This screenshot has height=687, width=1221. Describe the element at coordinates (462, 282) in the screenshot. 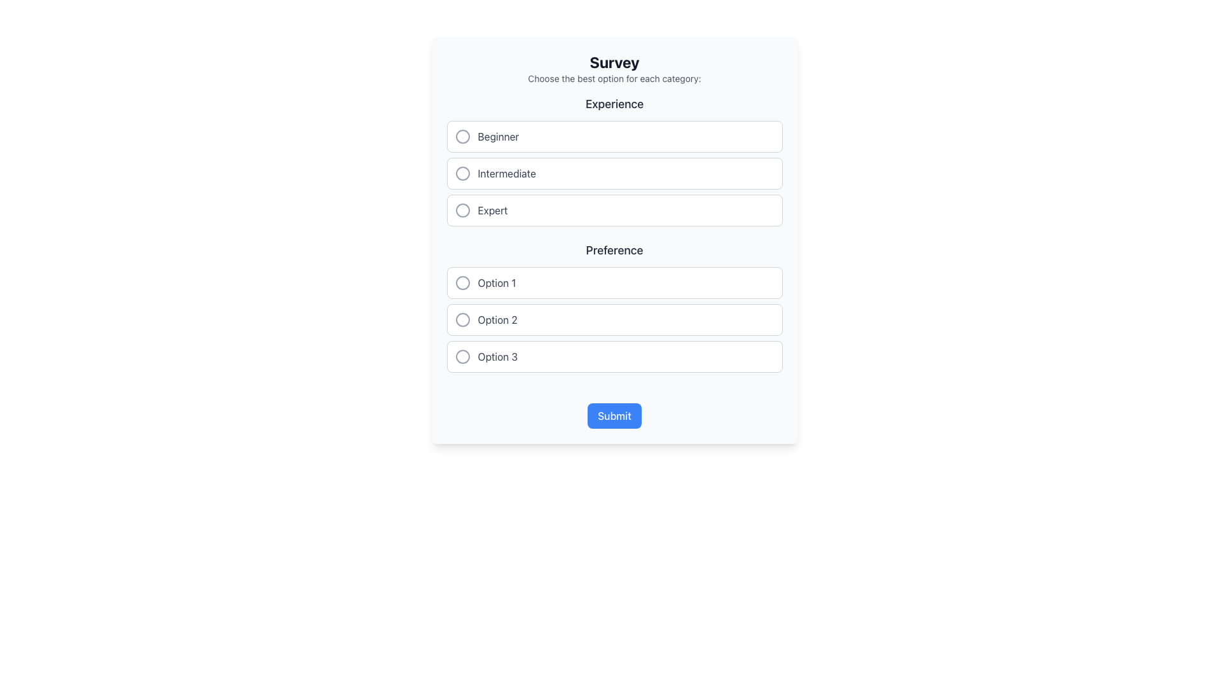

I see `the circular Radio Button Indicator adjacent to the text label 'Option 1'` at that location.